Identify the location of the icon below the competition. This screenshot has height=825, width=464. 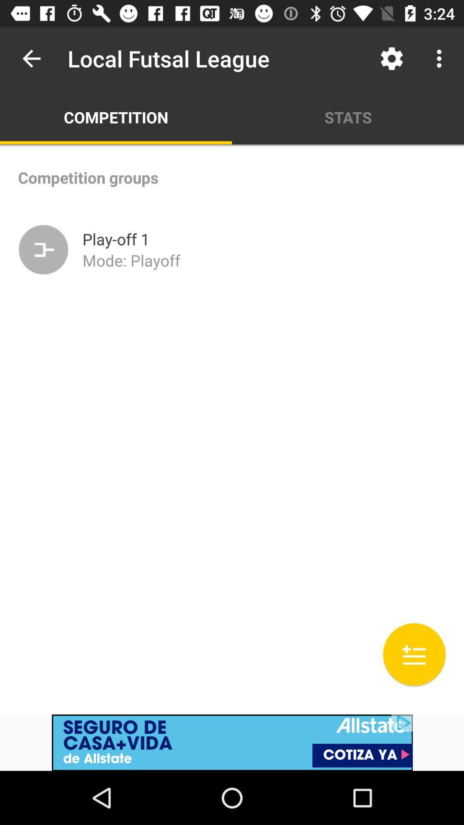
(43, 249).